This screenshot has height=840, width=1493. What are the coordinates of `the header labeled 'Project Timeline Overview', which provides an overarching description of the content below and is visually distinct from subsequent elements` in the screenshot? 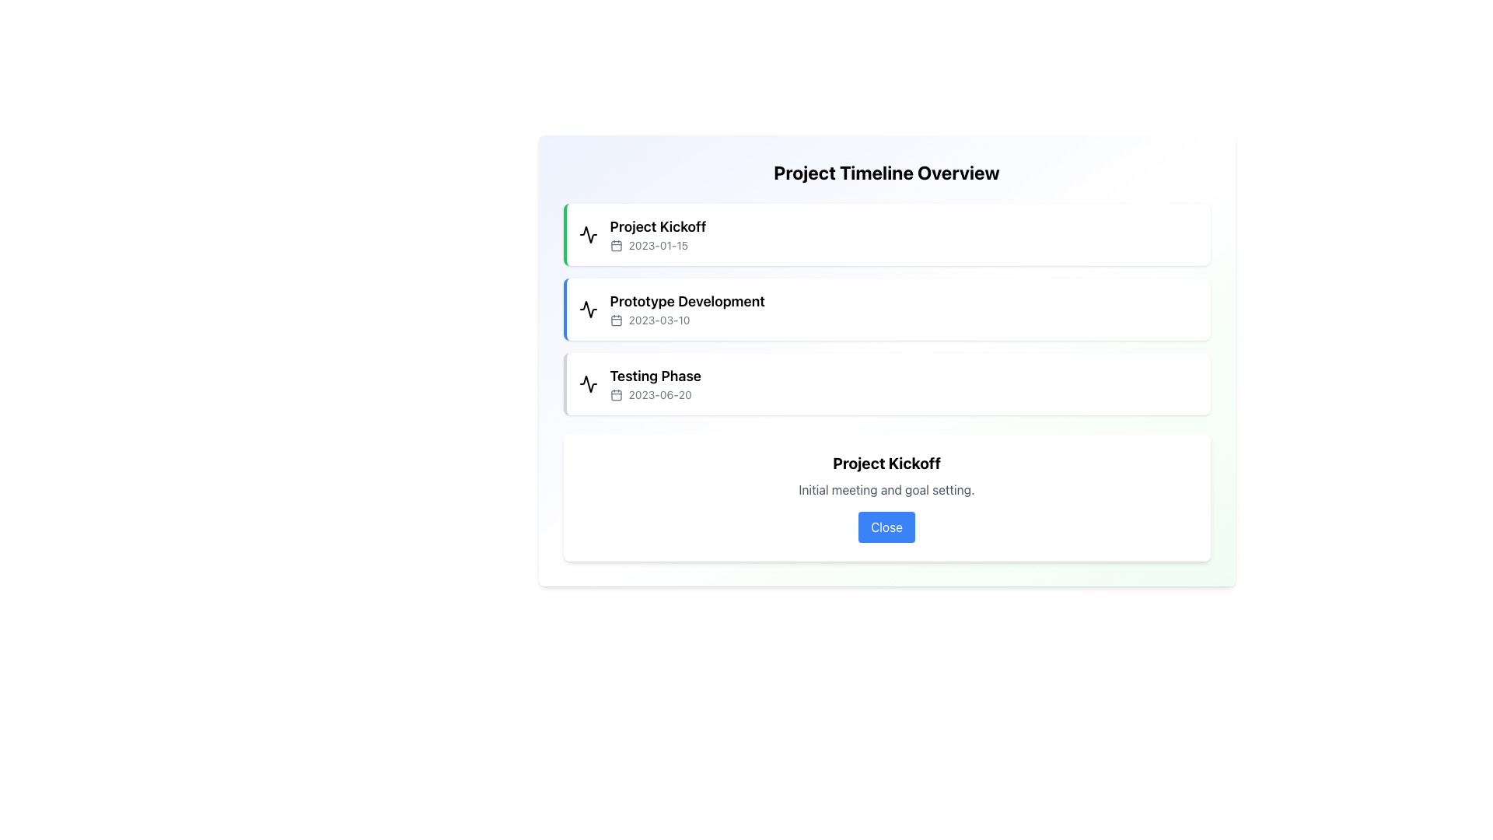 It's located at (886, 173).